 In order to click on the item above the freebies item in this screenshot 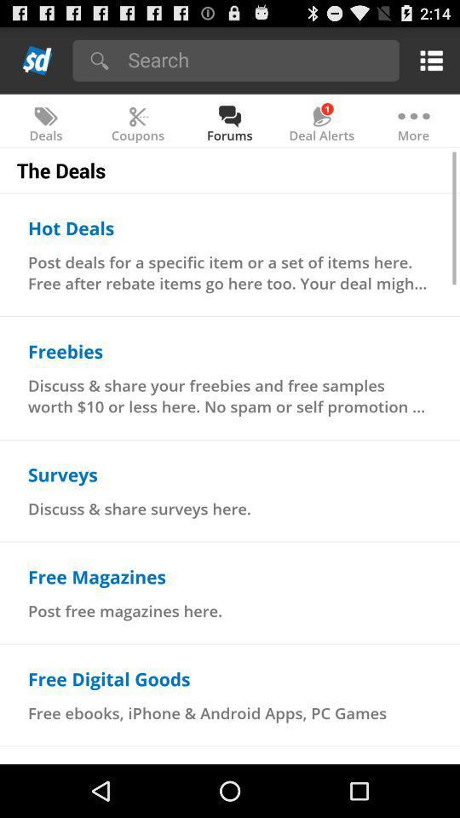, I will do `click(230, 272)`.